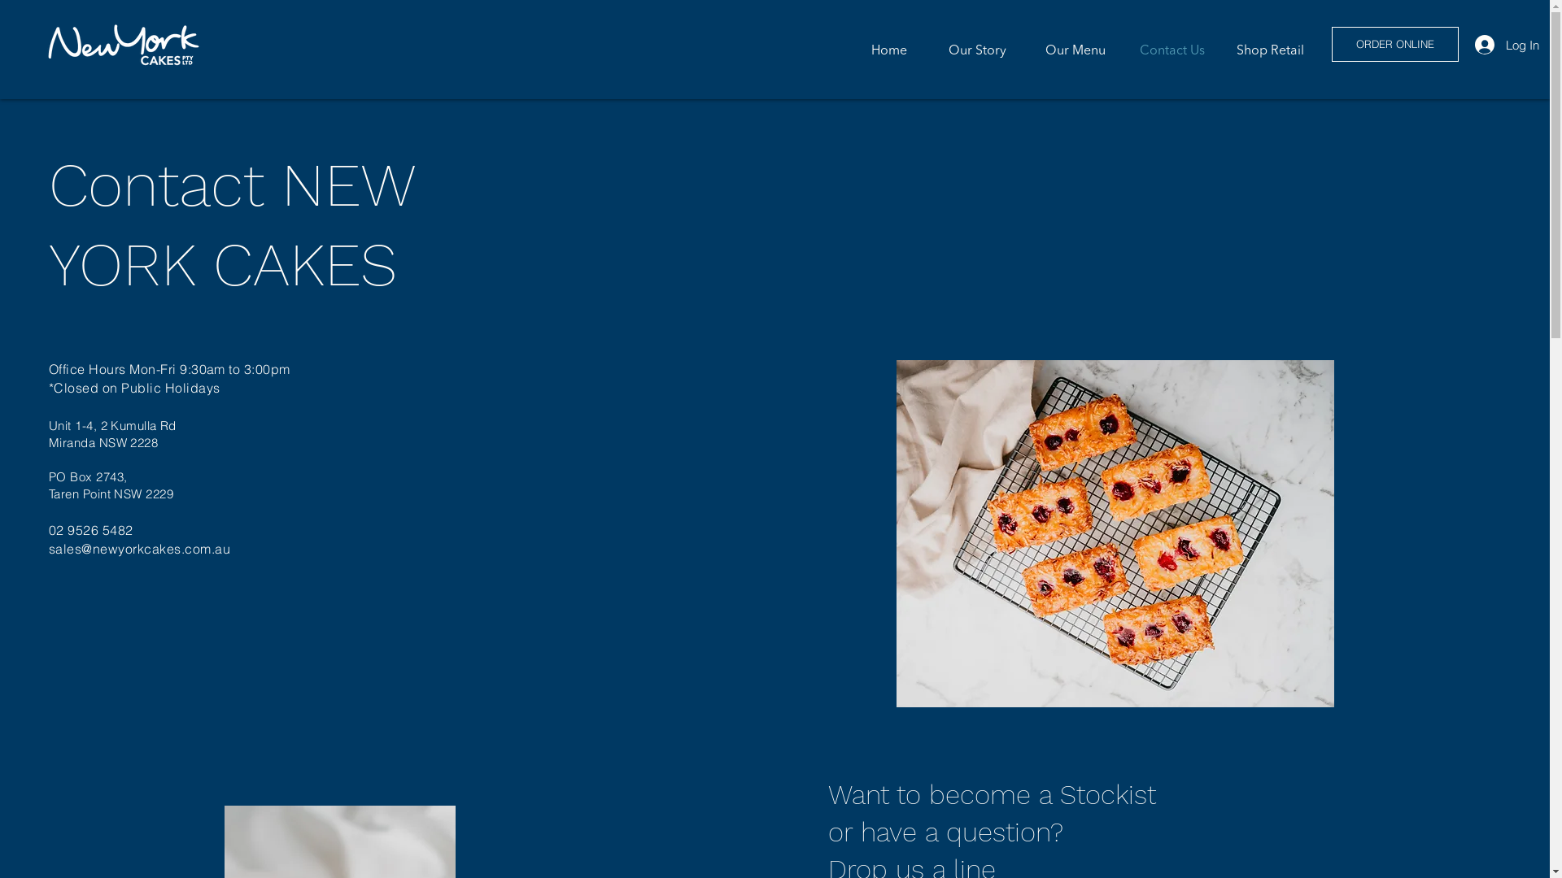 The width and height of the screenshot is (1562, 878). What do you see at coordinates (1481, 43) in the screenshot?
I see `'Log In'` at bounding box center [1481, 43].